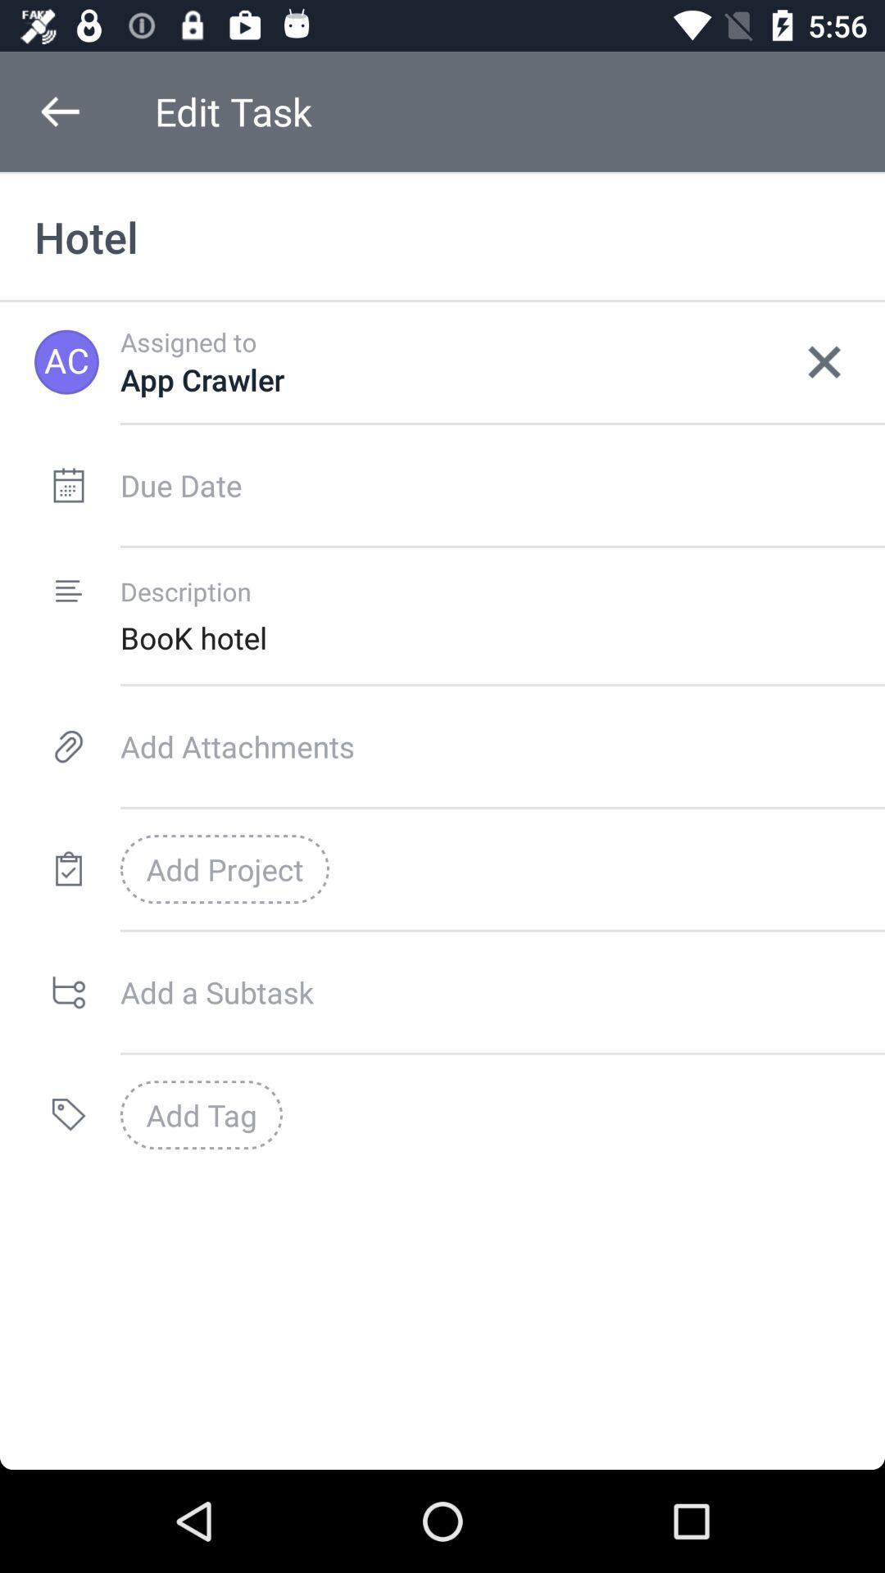 This screenshot has width=885, height=1573. What do you see at coordinates (59, 111) in the screenshot?
I see `icon above hotel icon` at bounding box center [59, 111].